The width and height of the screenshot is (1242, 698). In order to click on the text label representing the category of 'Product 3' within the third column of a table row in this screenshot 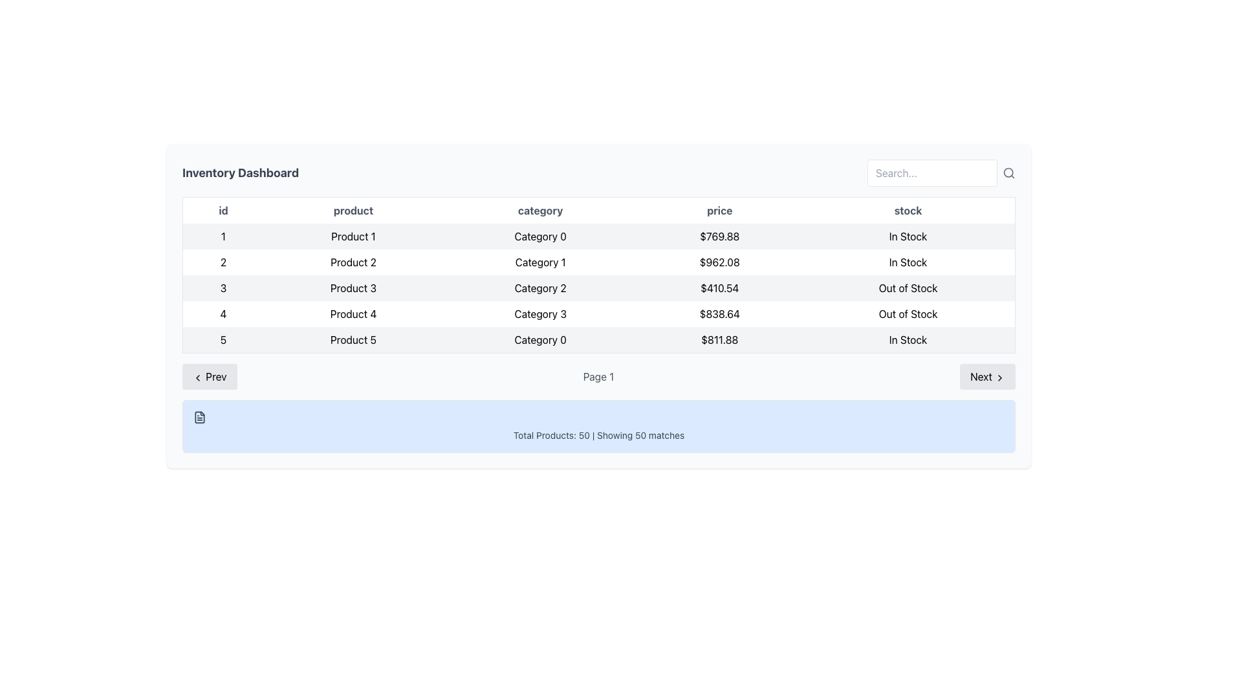, I will do `click(540, 288)`.